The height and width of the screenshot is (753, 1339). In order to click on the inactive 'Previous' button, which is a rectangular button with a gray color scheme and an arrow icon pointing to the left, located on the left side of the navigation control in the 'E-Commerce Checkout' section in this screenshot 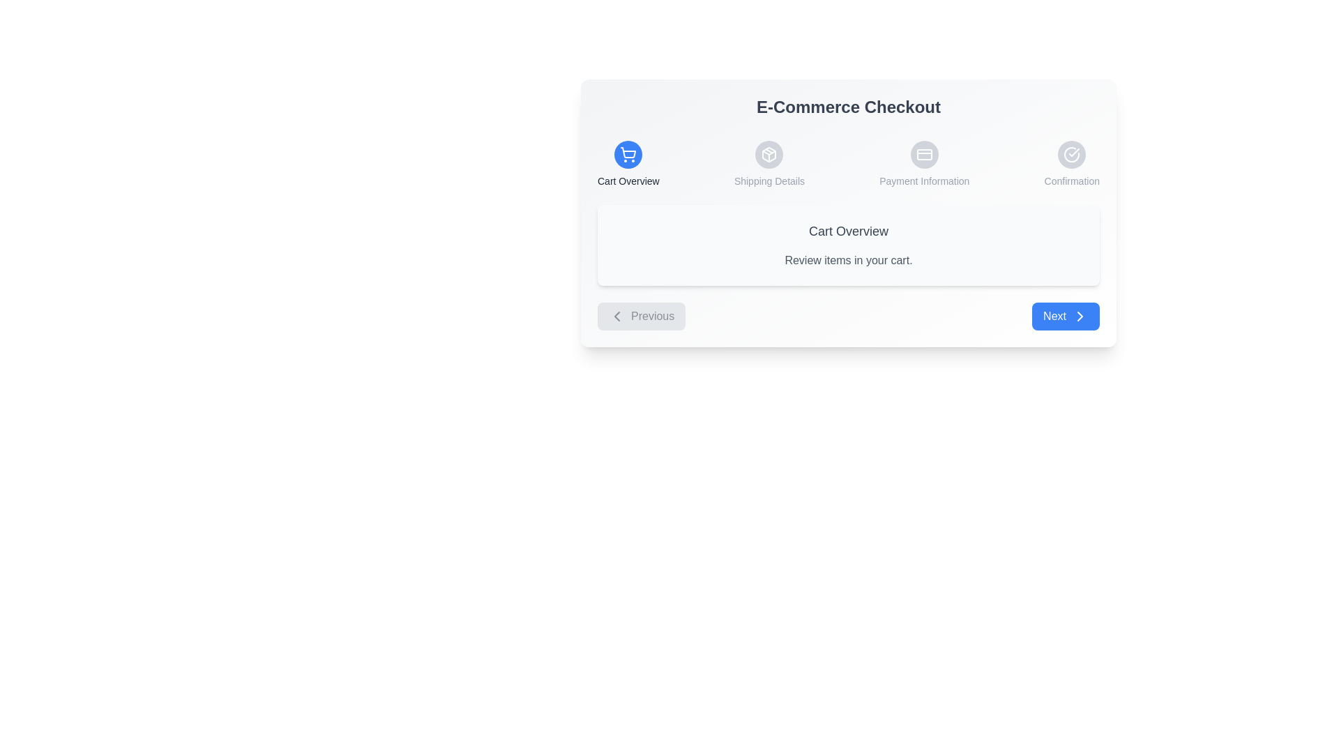, I will do `click(641, 317)`.